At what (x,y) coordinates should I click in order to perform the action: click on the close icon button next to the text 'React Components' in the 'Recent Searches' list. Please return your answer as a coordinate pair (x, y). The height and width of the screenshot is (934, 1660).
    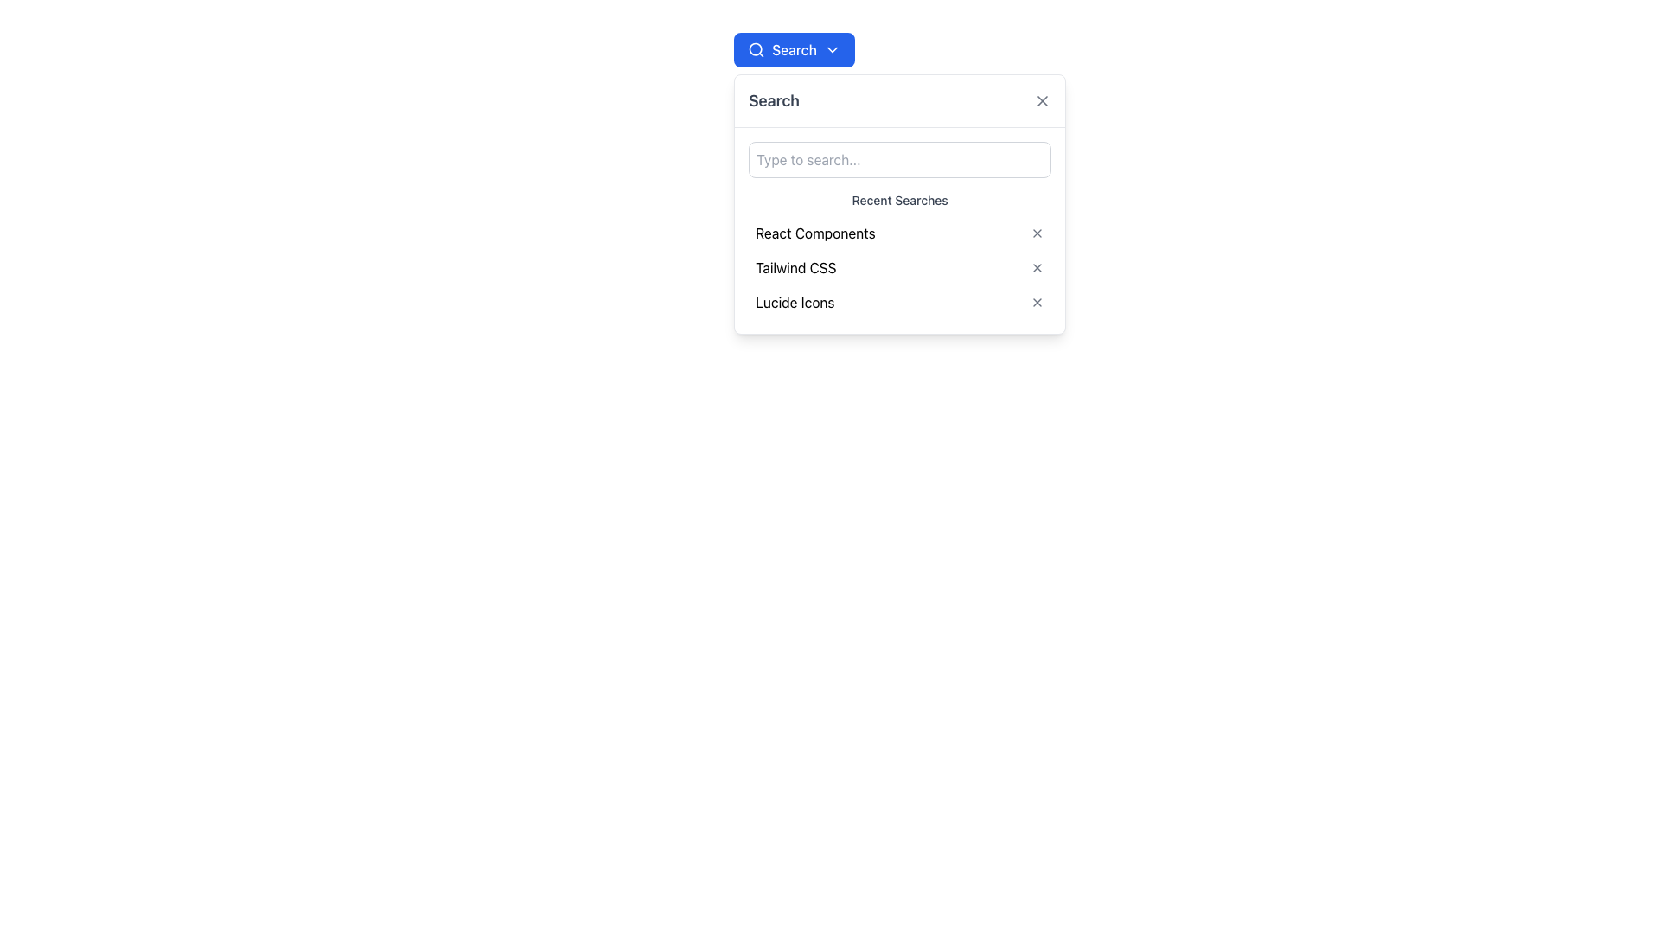
    Looking at the image, I should click on (1037, 233).